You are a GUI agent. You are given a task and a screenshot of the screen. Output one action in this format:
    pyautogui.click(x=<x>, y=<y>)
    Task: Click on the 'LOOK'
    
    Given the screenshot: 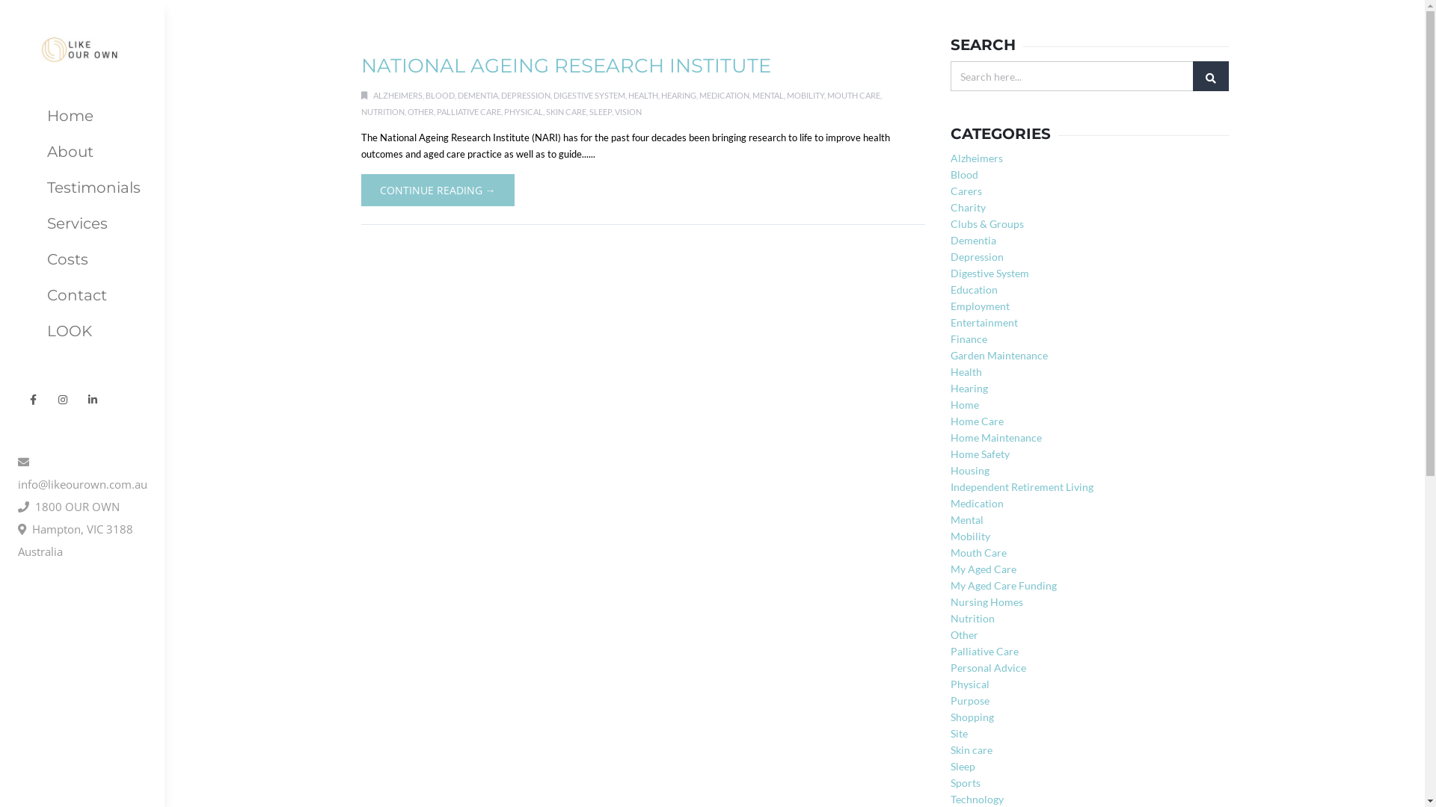 What is the action you would take?
    pyautogui.click(x=82, y=330)
    